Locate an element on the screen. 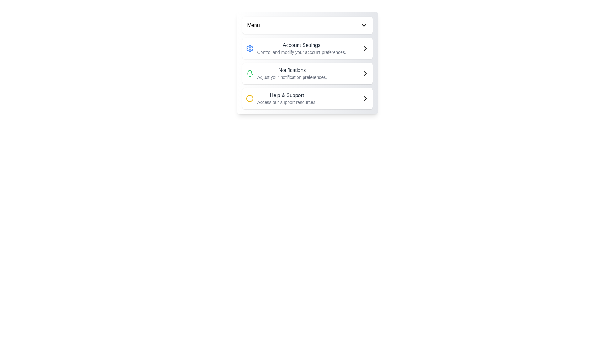 This screenshot has width=602, height=338. the gear icon for settings, which is vividly blue and located in the 'Account Settings' section on the left side of the menu card is located at coordinates (249, 48).